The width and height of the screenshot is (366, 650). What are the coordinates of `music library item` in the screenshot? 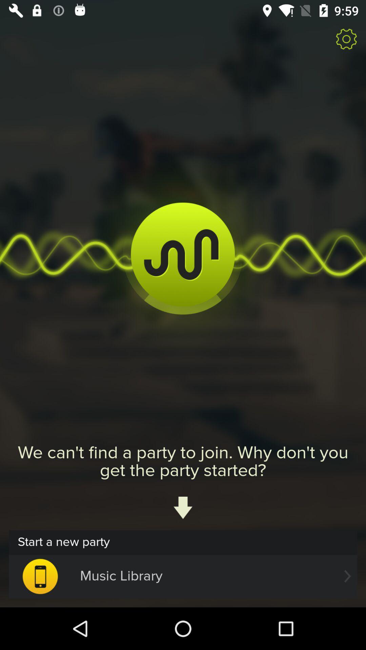 It's located at (183, 576).